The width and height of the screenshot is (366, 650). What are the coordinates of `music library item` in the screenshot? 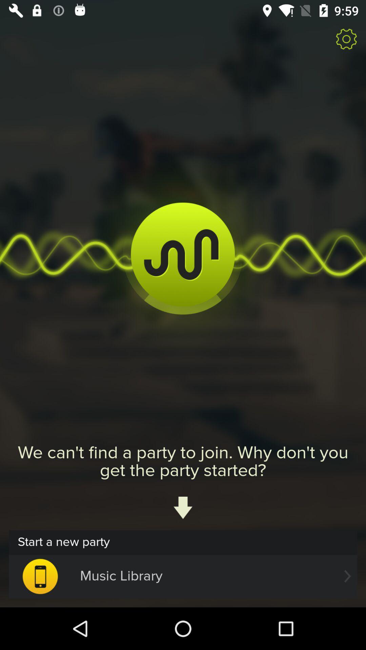 It's located at (183, 576).